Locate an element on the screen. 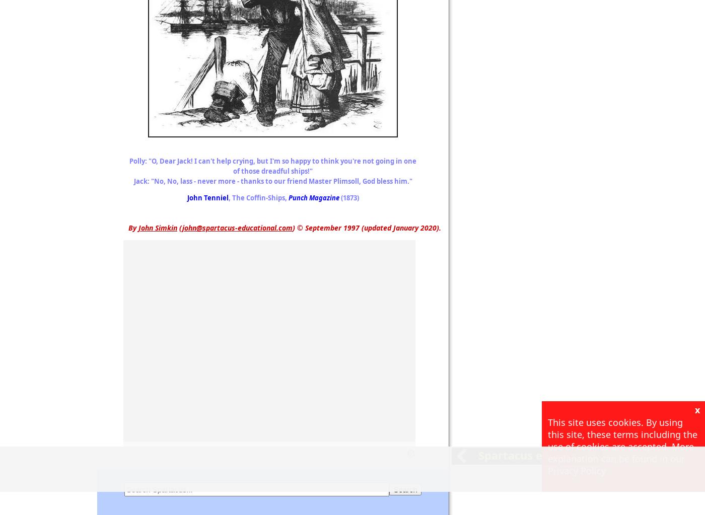 Image resolution: width=705 pixels, height=515 pixels. 'This site uses cookies. By using this site, these terms including the use of cookies are accepted. More explanation can be found in our Privacy Policy' is located at coordinates (622, 447).